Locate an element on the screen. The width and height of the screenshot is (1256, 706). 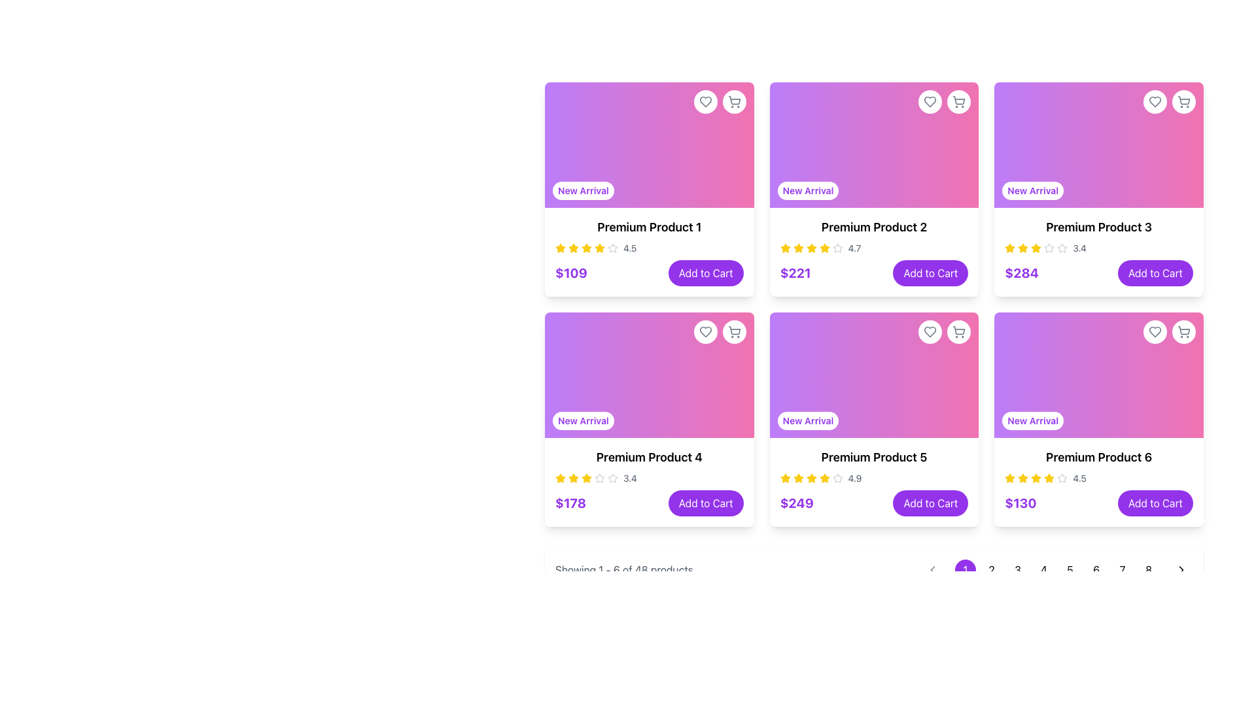
the second star icon in the rating row for 'Premium Product 3' is located at coordinates (1036, 248).